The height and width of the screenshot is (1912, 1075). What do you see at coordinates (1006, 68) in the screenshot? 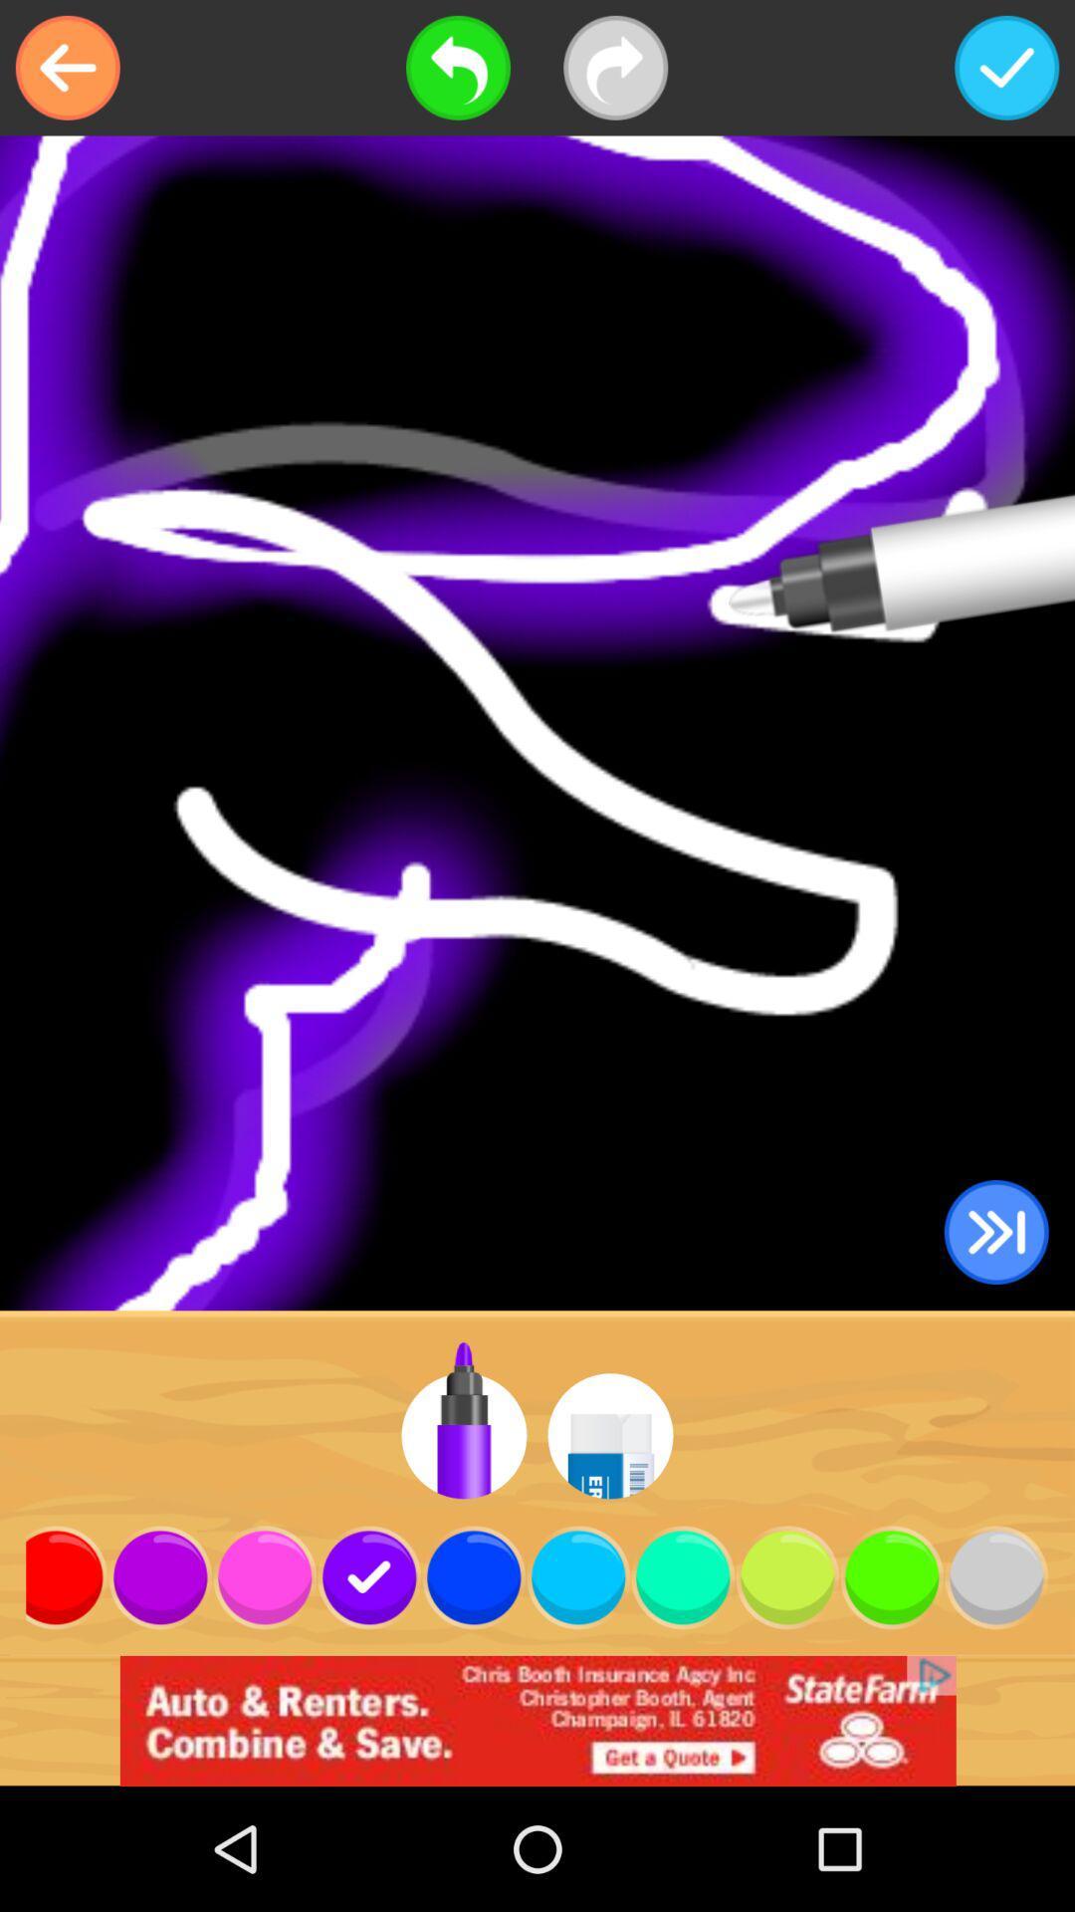
I see `the check icon` at bounding box center [1006, 68].